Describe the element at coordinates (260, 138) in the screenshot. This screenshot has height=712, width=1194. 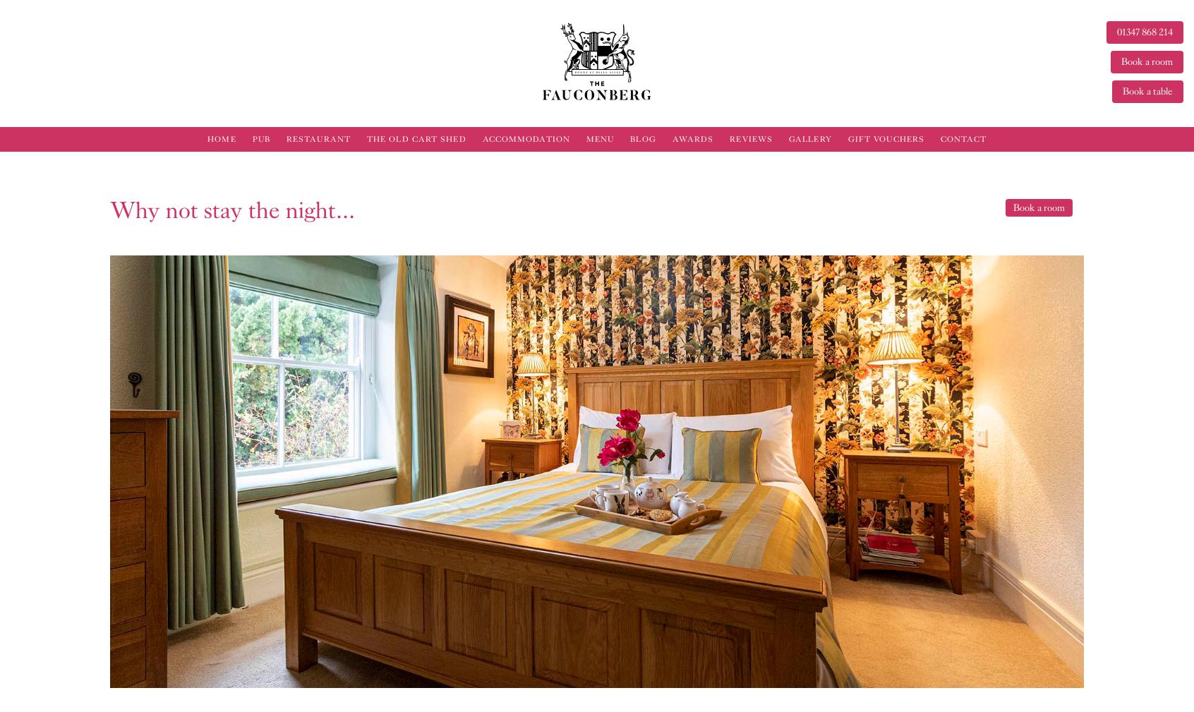
I see `'Pub'` at that location.